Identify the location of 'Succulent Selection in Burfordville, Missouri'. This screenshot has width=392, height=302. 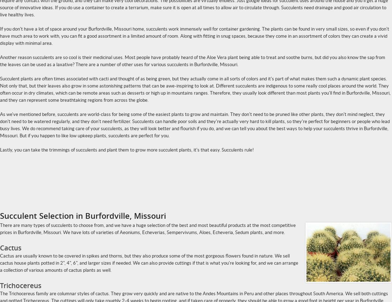
(83, 216).